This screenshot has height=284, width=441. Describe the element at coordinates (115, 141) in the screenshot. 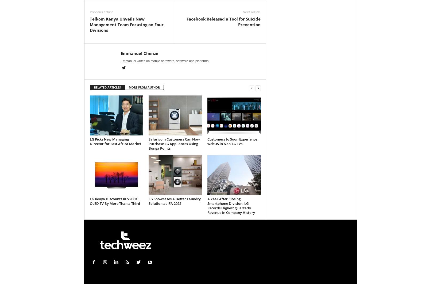

I see `'LG Picks New Managing Director for East Africa Market'` at that location.